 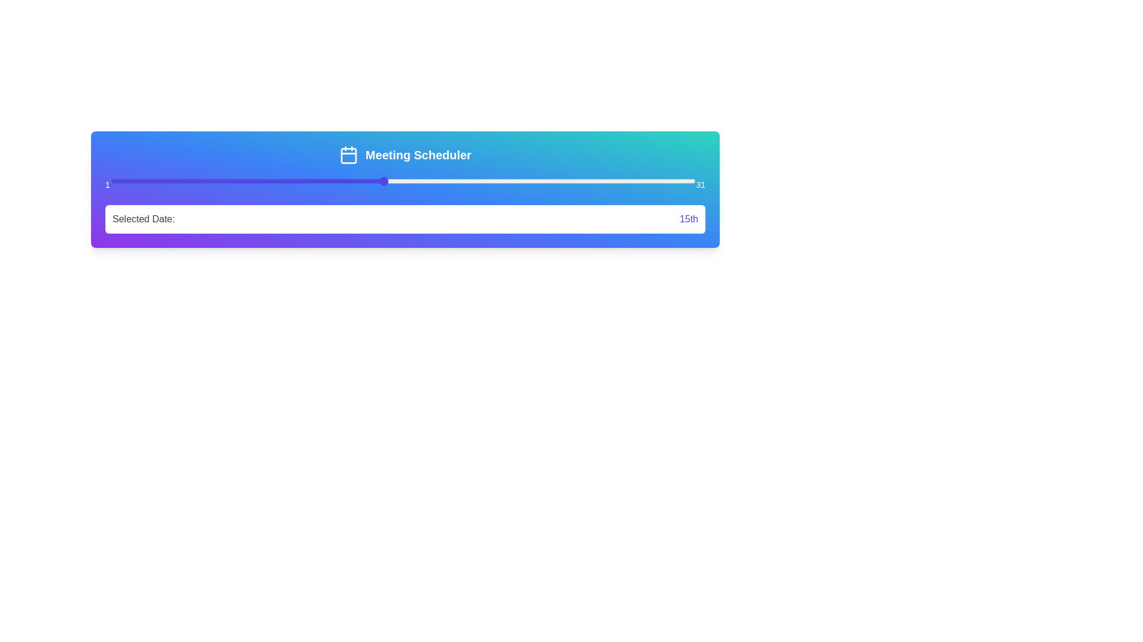 I want to click on the slider, so click(x=148, y=181).